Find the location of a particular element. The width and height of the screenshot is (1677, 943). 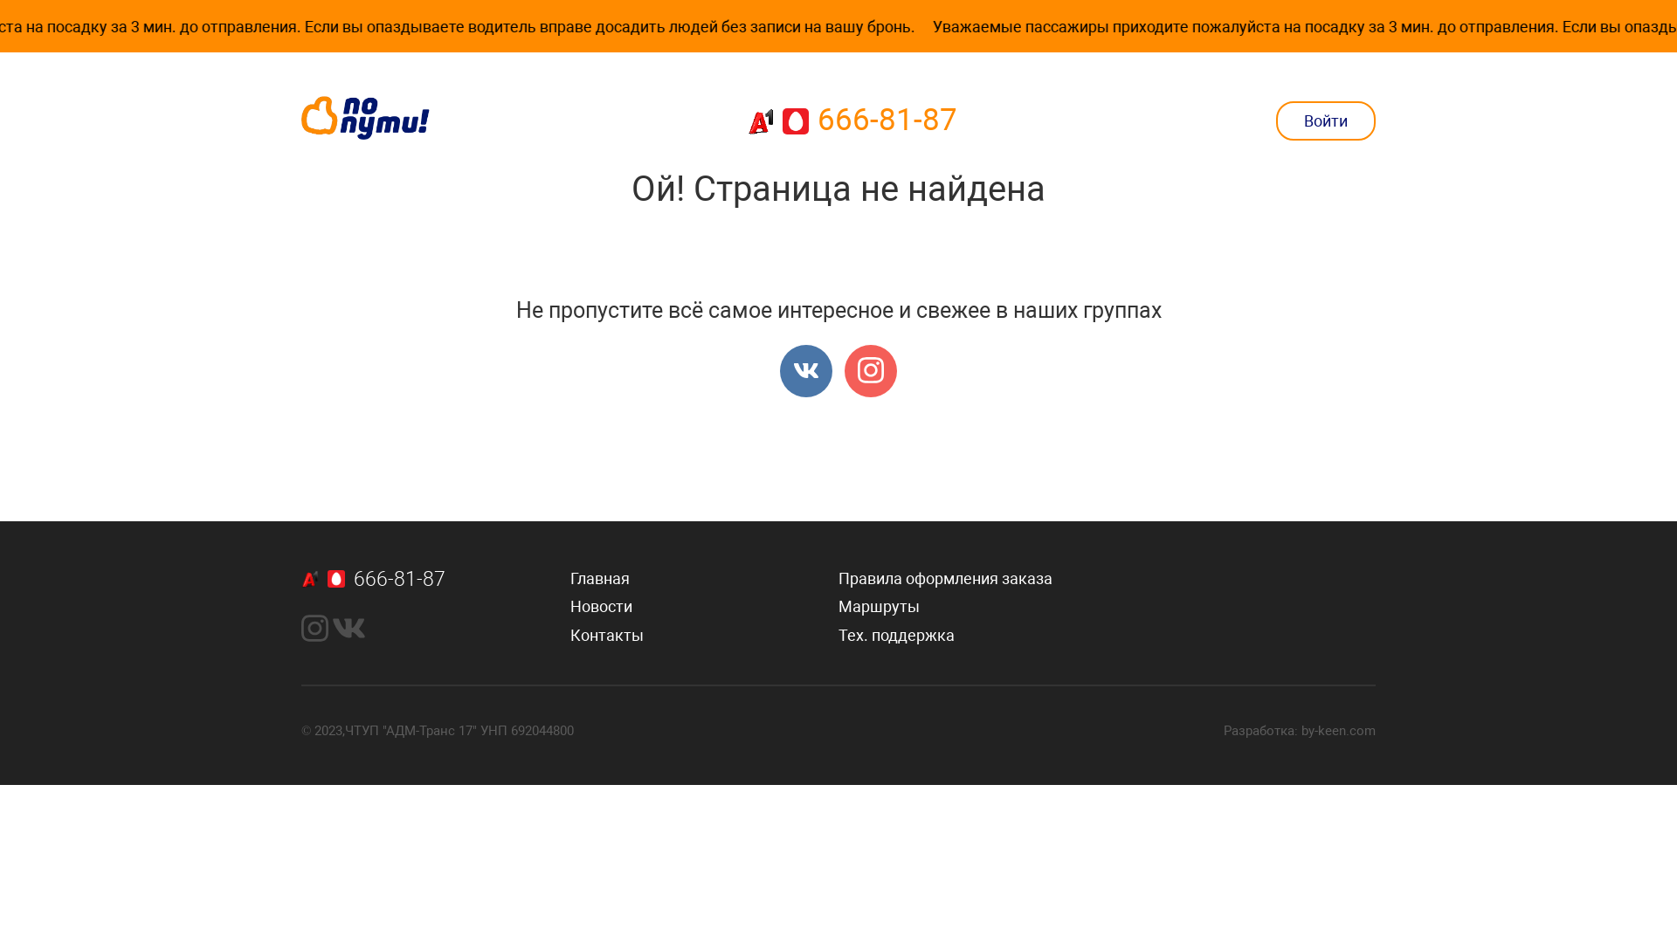

'by-keen.com' is located at coordinates (1337, 731).